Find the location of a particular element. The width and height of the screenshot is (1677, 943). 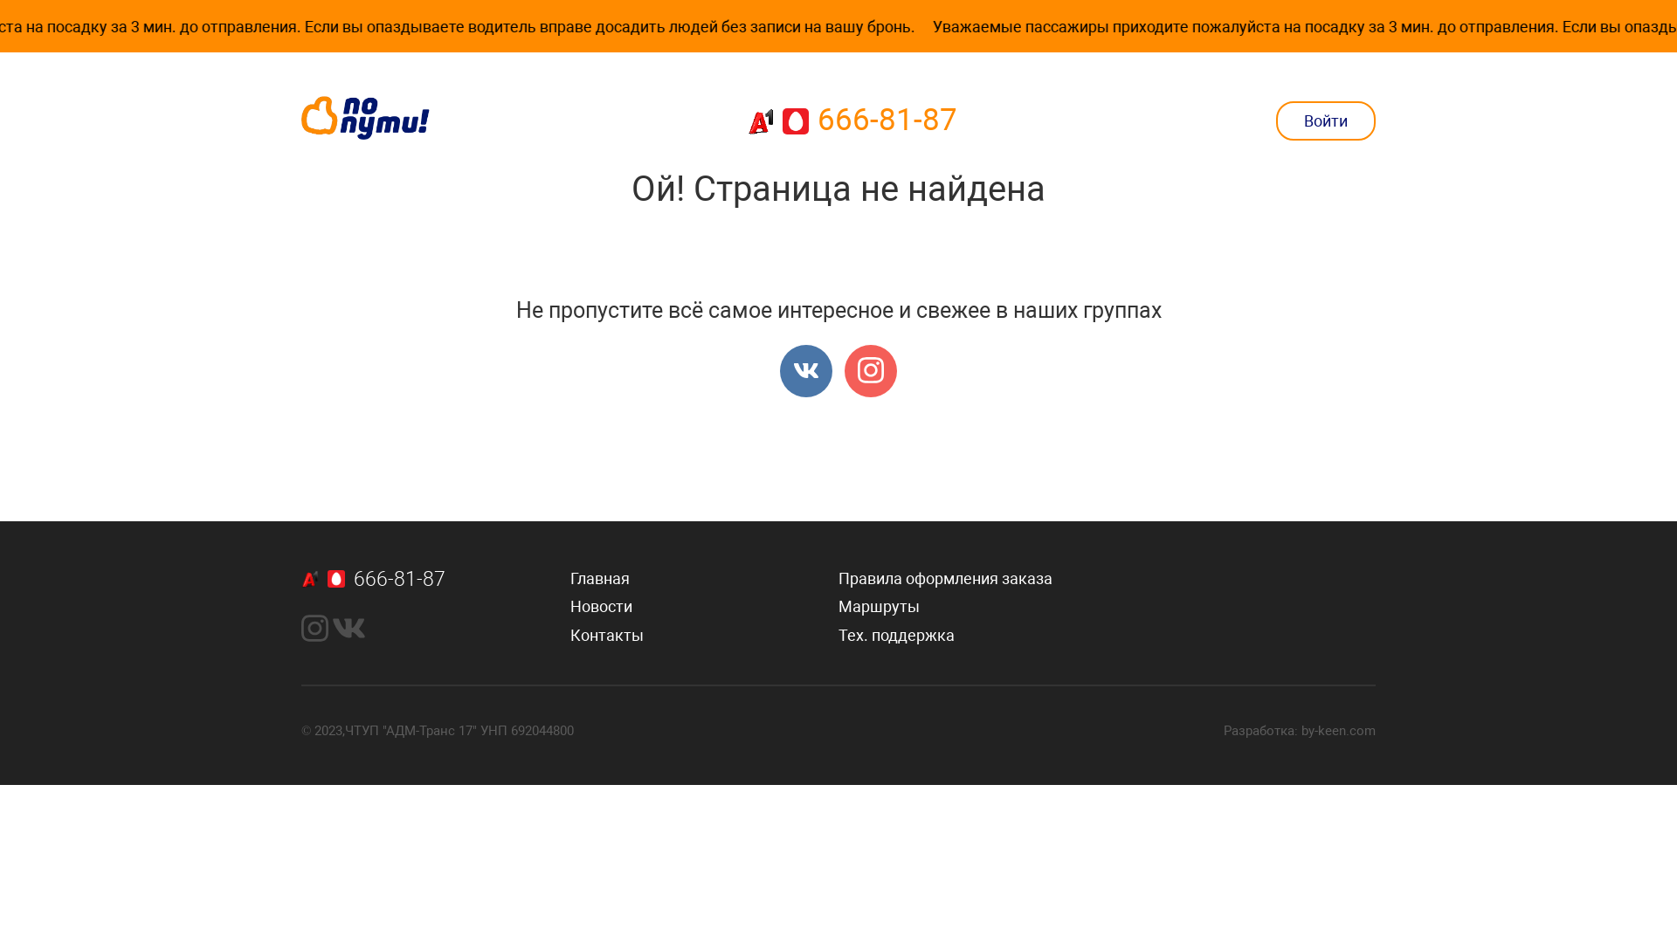

'by-keen.com' is located at coordinates (1337, 731).